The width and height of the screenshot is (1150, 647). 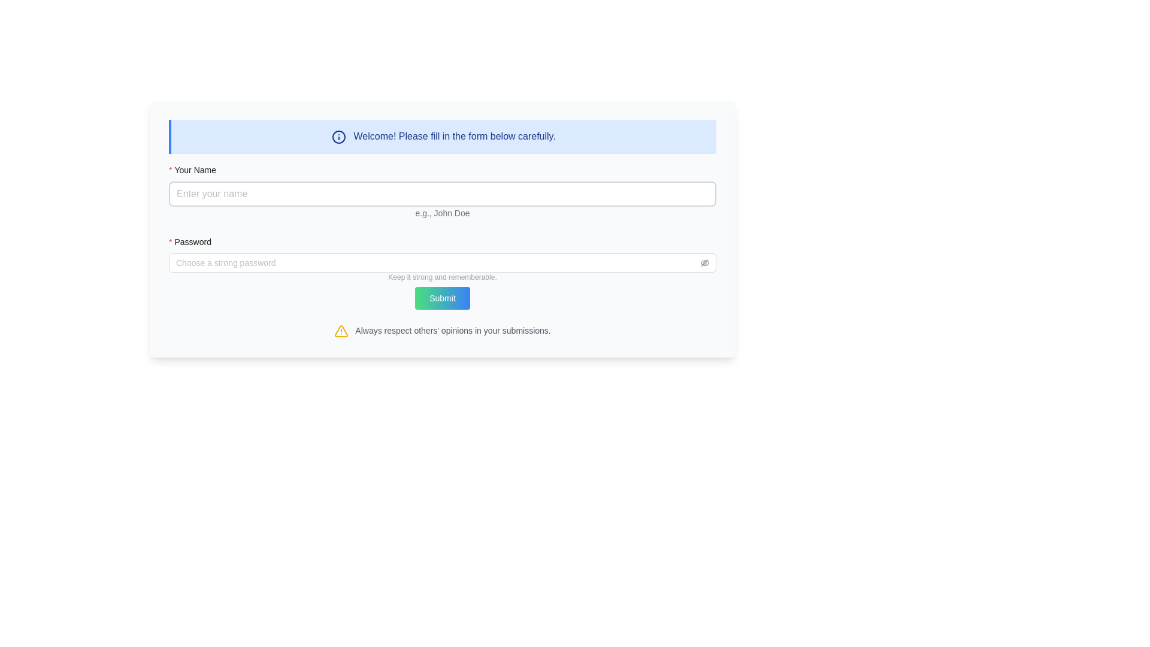 What do you see at coordinates (338, 136) in the screenshot?
I see `the circular information icon with a blue outline located to the left of the text 'Welcome! Please fill in the form below carefully.' in the blue-tinted message box at the top of the form` at bounding box center [338, 136].